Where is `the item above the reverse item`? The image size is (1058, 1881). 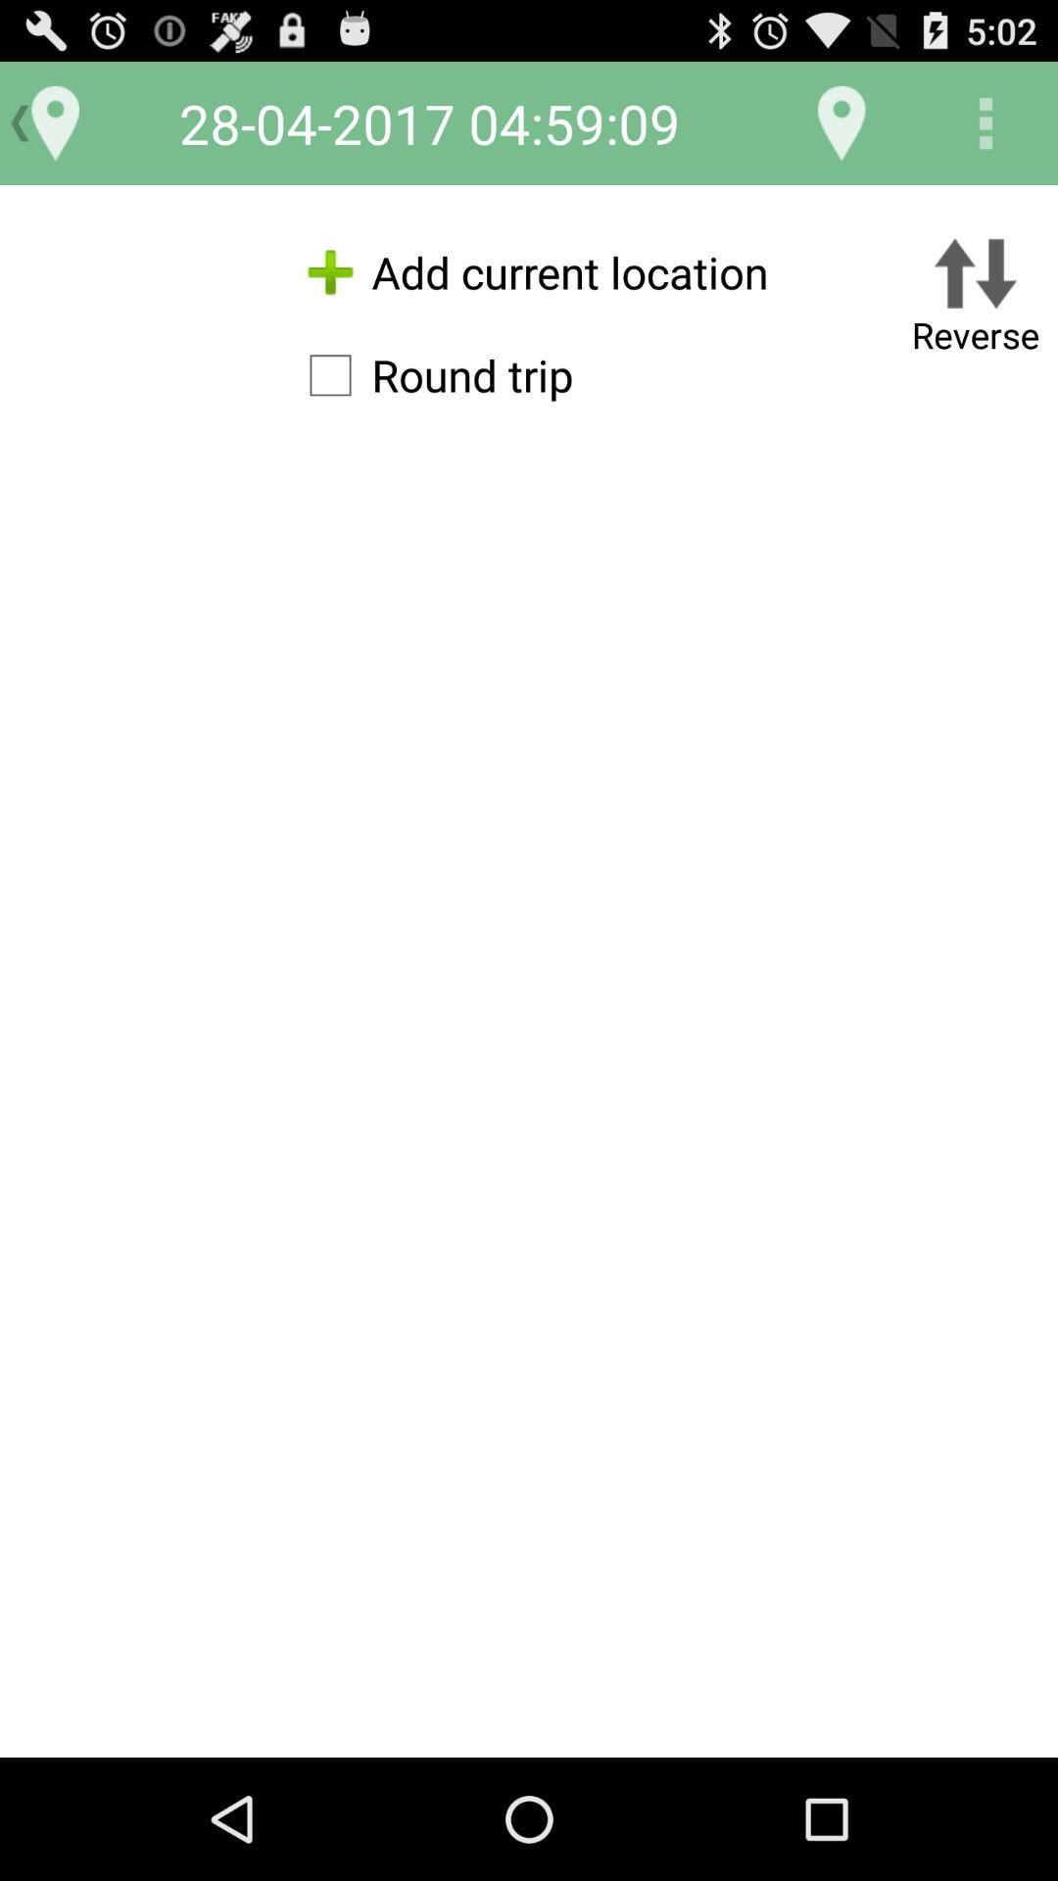 the item above the reverse item is located at coordinates (986, 121).